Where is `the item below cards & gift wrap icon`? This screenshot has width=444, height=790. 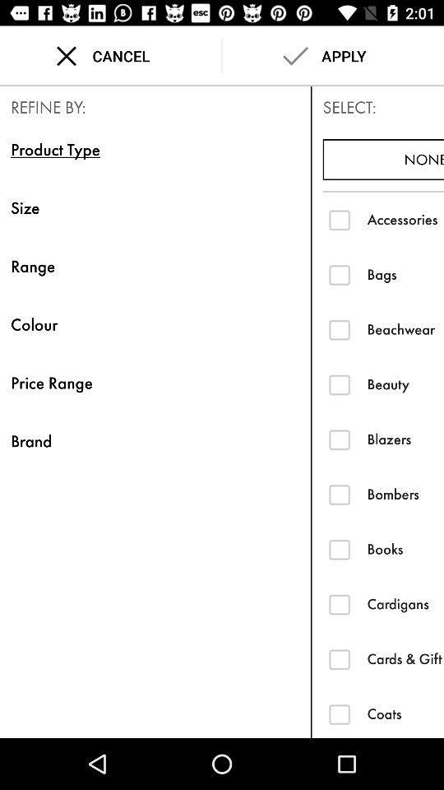
the item below cards & gift wrap icon is located at coordinates (405, 713).